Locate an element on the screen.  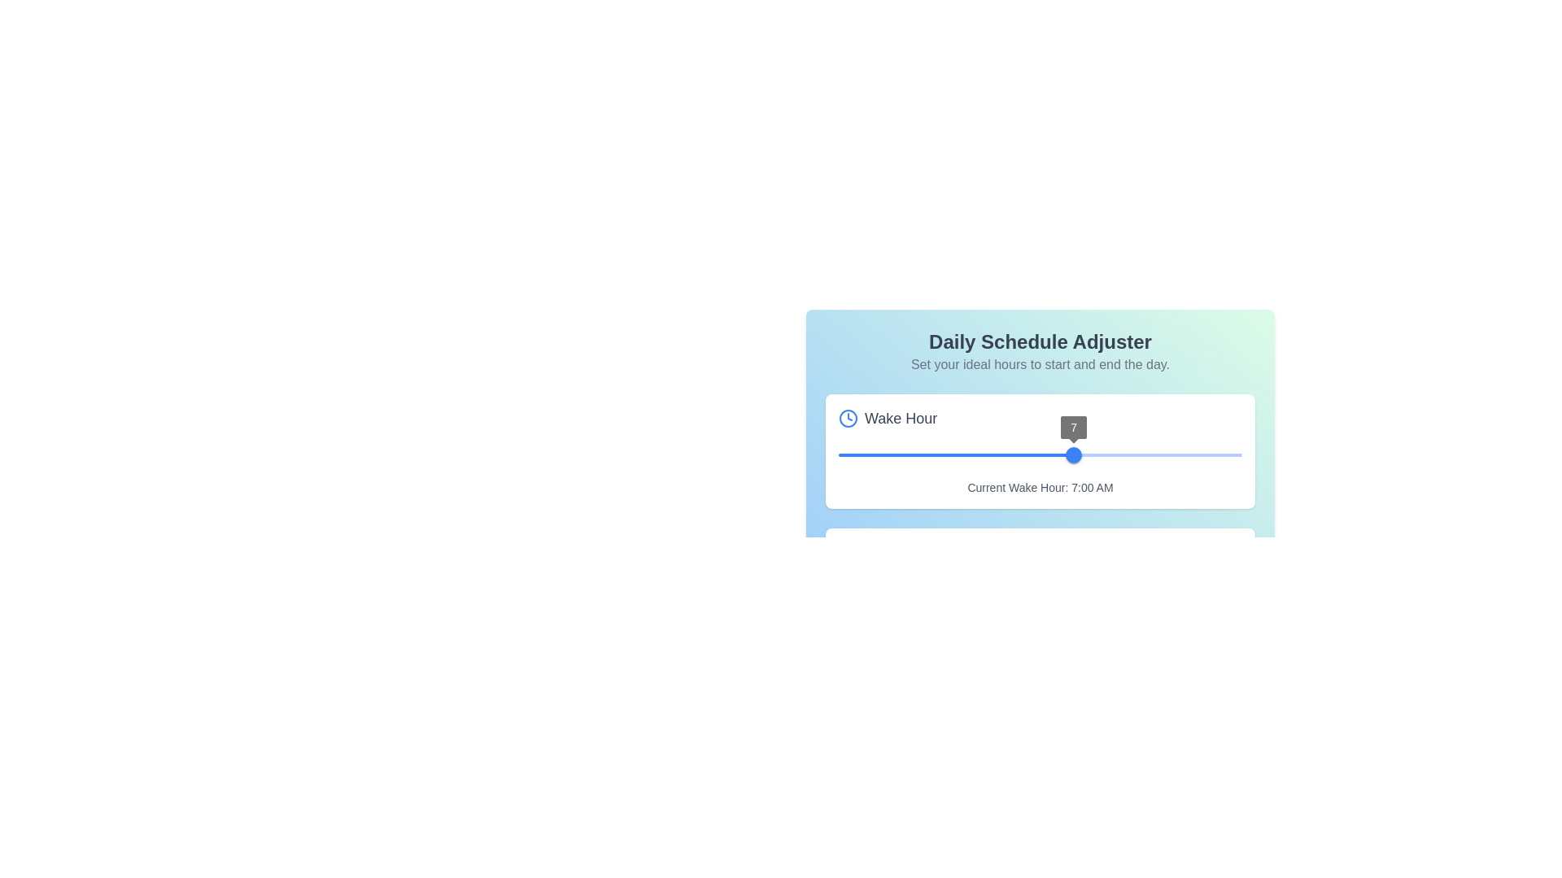
the wake hour is located at coordinates (871, 454).